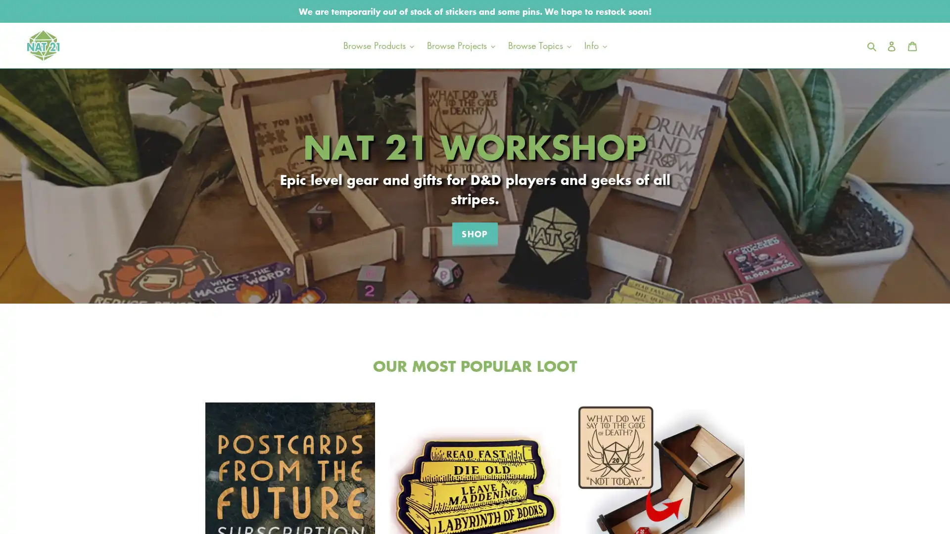 The image size is (950, 534). Describe the element at coordinates (595, 45) in the screenshot. I see `Info` at that location.